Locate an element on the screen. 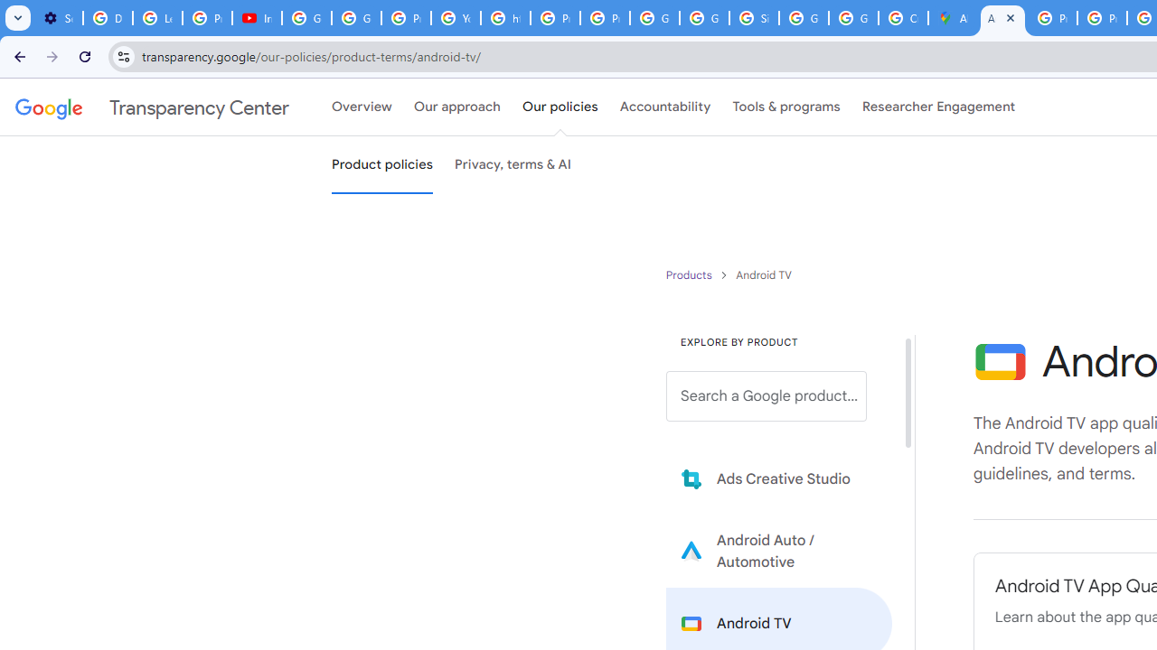  'Search a Google product from below list.' is located at coordinates (767, 395).